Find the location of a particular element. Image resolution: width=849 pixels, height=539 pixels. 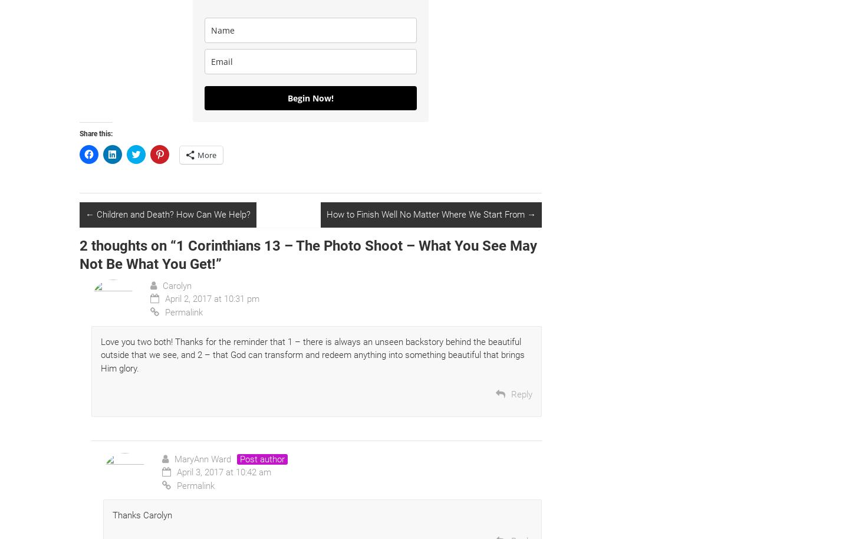

'MaryAnn Ward' is located at coordinates (203, 458).